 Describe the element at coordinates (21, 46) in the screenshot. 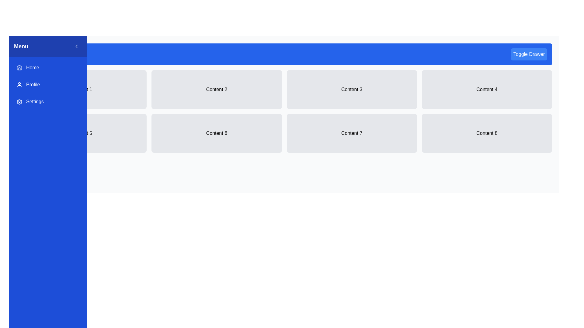

I see `the 'Menu' text label, which is a bold, large-sized white label located in the upper-left corner of the sidebar menu against a deep blue background` at that location.